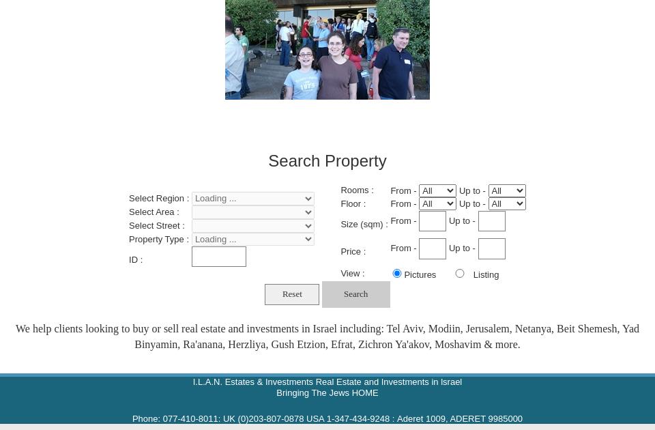 This screenshot has width=655, height=430. I want to click on 'View :', so click(353, 272).